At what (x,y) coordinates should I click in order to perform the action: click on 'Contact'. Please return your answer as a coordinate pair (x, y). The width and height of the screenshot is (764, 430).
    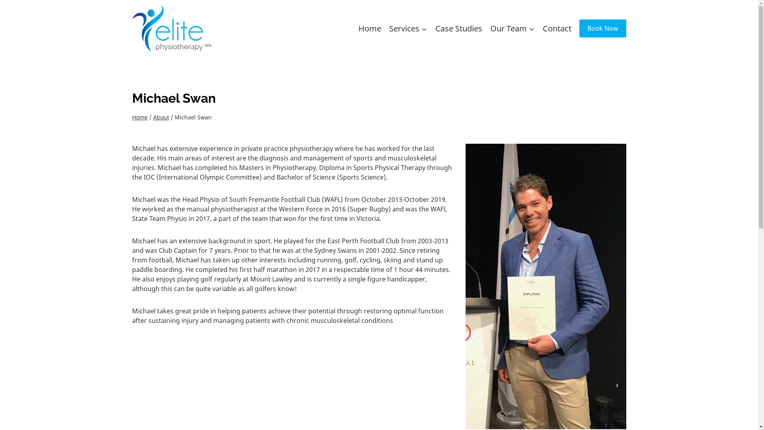
    Looking at the image, I should click on (557, 27).